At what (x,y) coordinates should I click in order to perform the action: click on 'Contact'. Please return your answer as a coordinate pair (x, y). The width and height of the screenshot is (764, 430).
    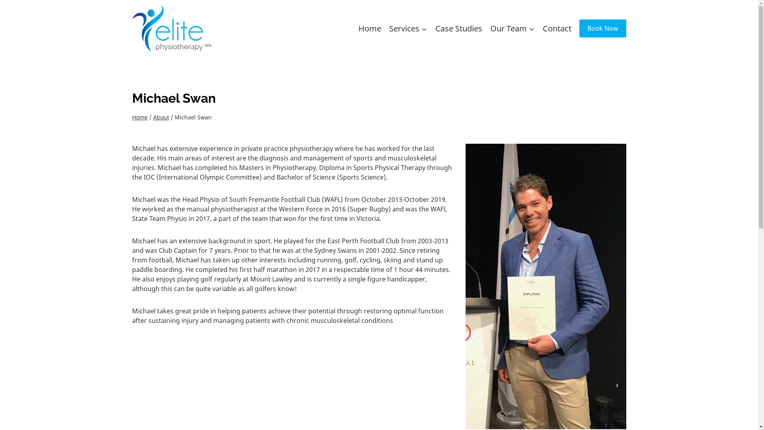
    Looking at the image, I should click on (557, 27).